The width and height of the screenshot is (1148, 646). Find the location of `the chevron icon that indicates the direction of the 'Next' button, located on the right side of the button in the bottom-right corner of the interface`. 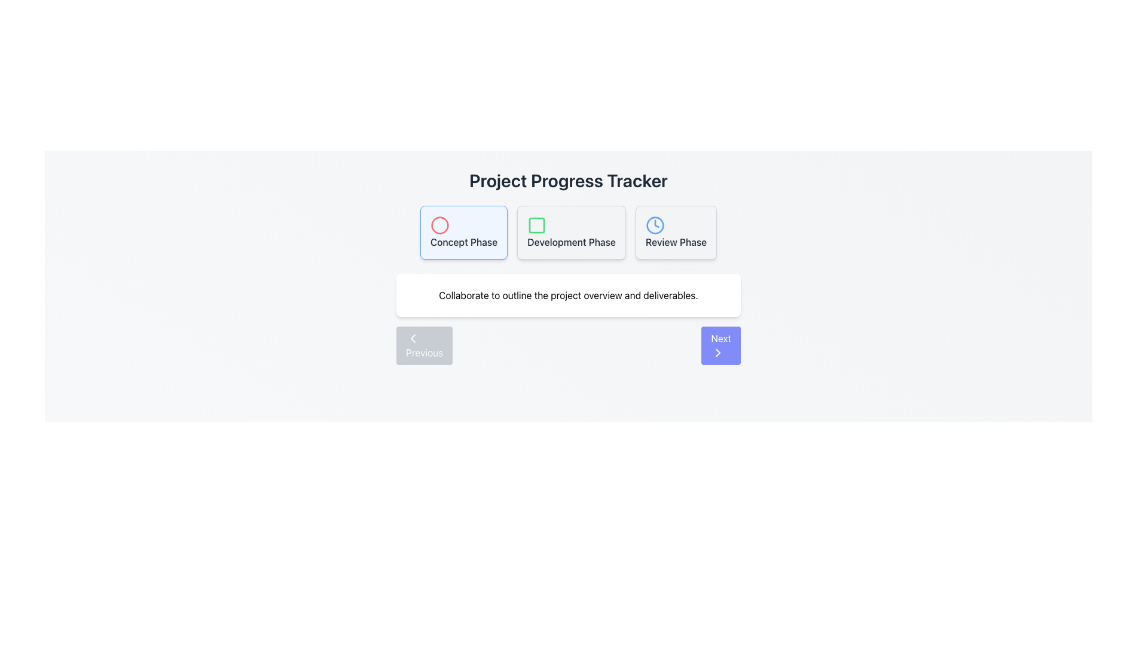

the chevron icon that indicates the direction of the 'Next' button, located on the right side of the button in the bottom-right corner of the interface is located at coordinates (717, 352).